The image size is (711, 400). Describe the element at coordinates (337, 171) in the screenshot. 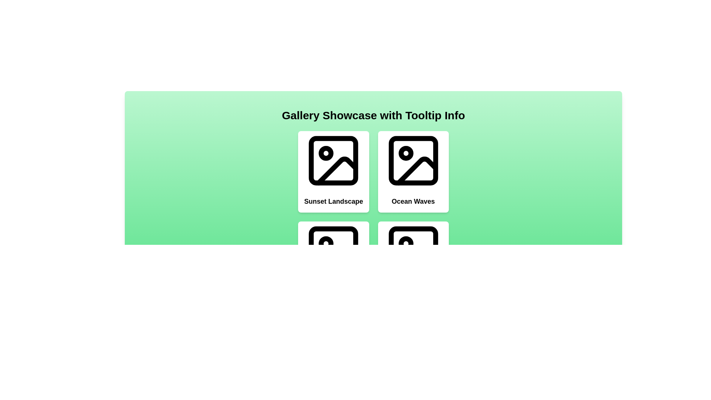

I see `the icon resembling a slanted line intersected by a rounded shape, which is located inside the left-hand square icon in the first row of the grid layout, just above the label 'Sunset Landscape'` at that location.